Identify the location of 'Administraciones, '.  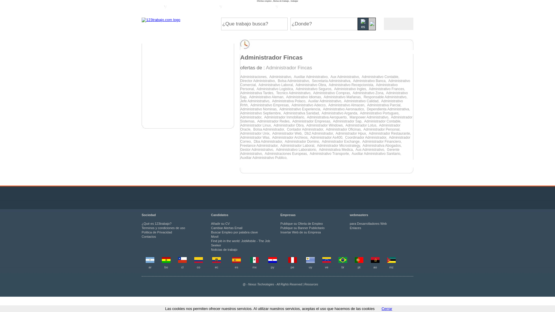
(254, 77).